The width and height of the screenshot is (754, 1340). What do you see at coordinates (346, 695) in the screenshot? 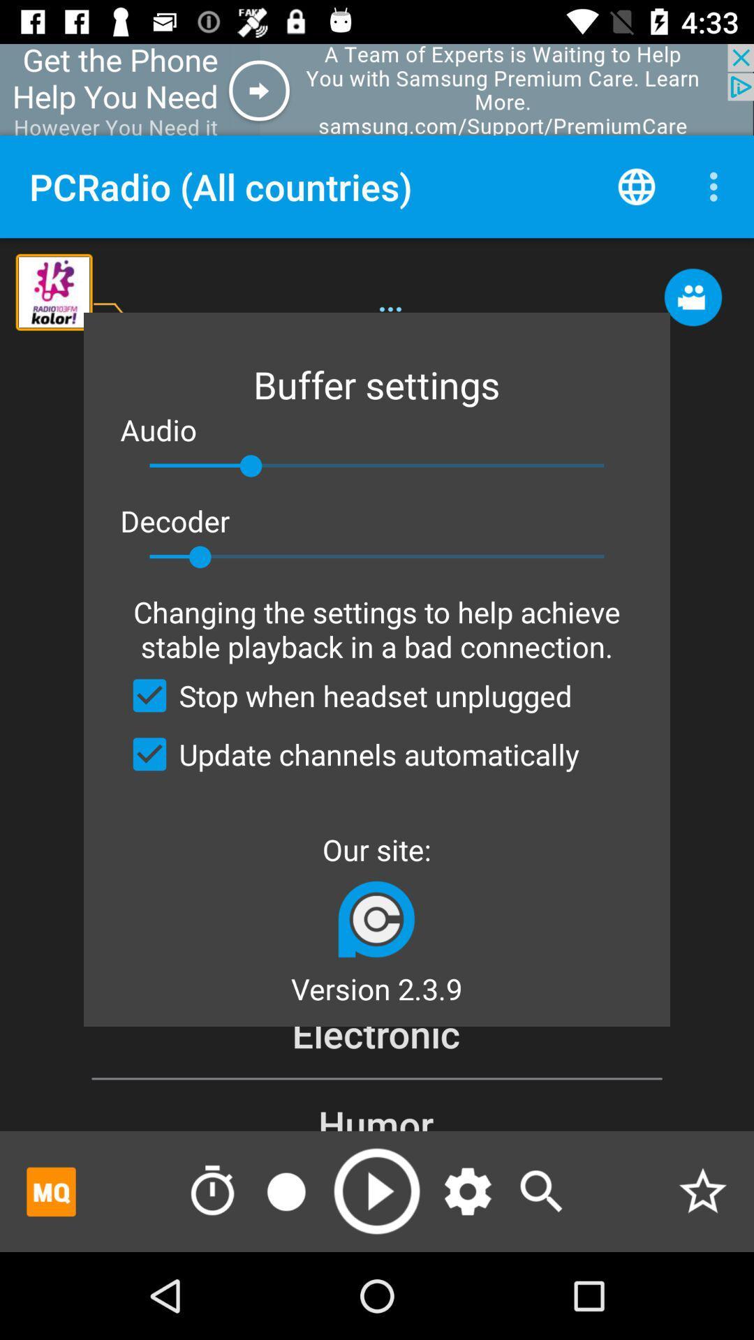
I see `app below the changing the settings` at bounding box center [346, 695].